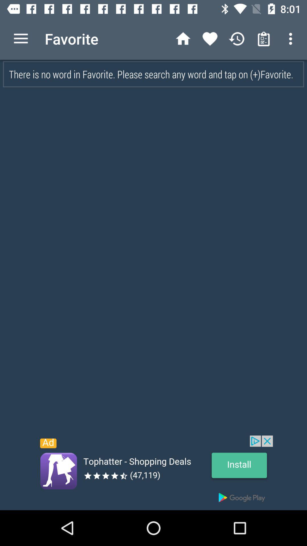 The width and height of the screenshot is (307, 546). What do you see at coordinates (153, 473) in the screenshot?
I see `link in advertisement` at bounding box center [153, 473].